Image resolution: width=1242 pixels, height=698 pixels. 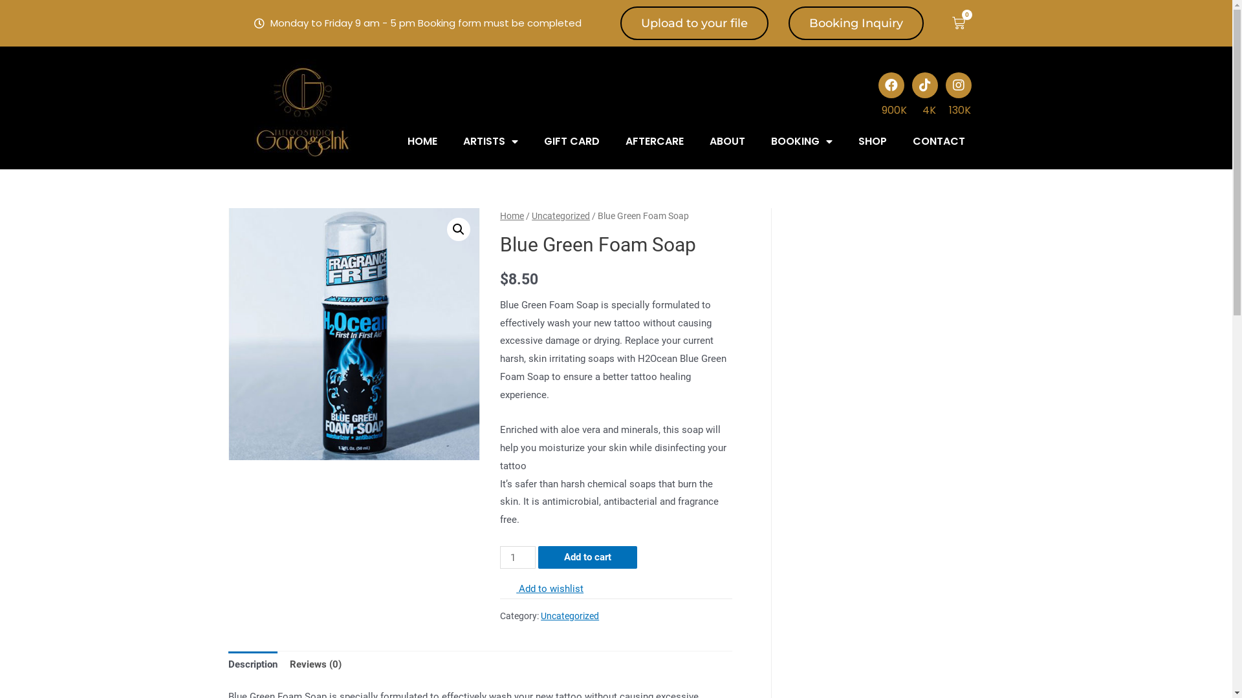 What do you see at coordinates (727, 142) in the screenshot?
I see `'ABOUT'` at bounding box center [727, 142].